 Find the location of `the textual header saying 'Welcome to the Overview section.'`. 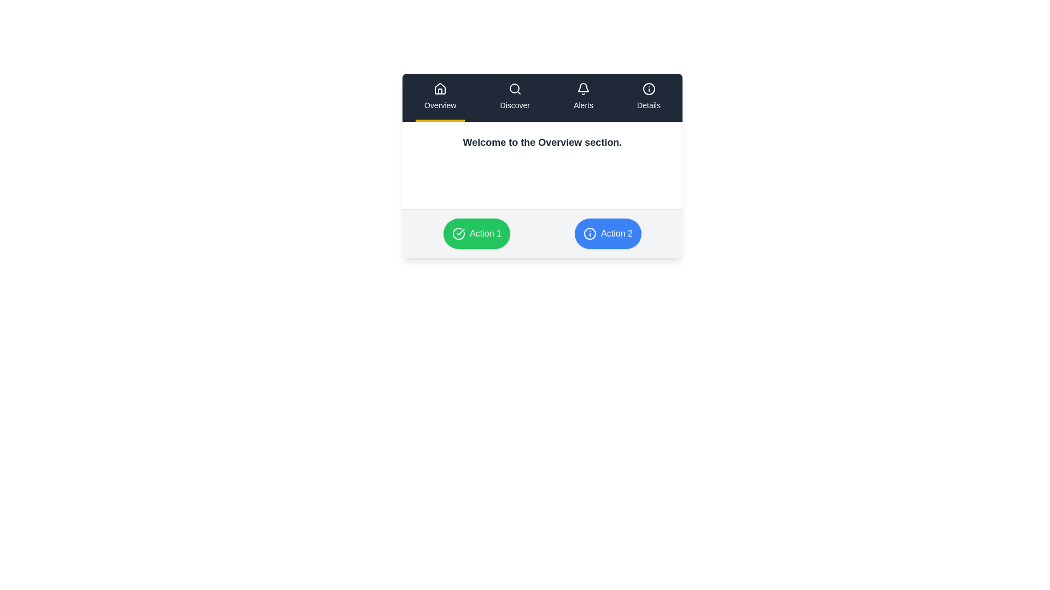

the textual header saying 'Welcome to the Overview section.' is located at coordinates (542, 142).